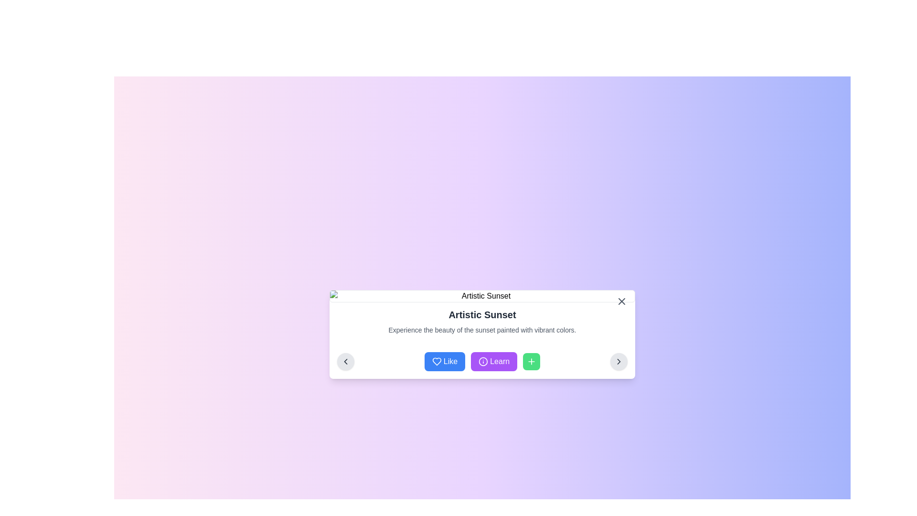 The image size is (917, 516). Describe the element at coordinates (531, 361) in the screenshot. I see `the 'plus' icon located at the center of the green button at the bottom right corner of the interface window for accessibility features` at that location.